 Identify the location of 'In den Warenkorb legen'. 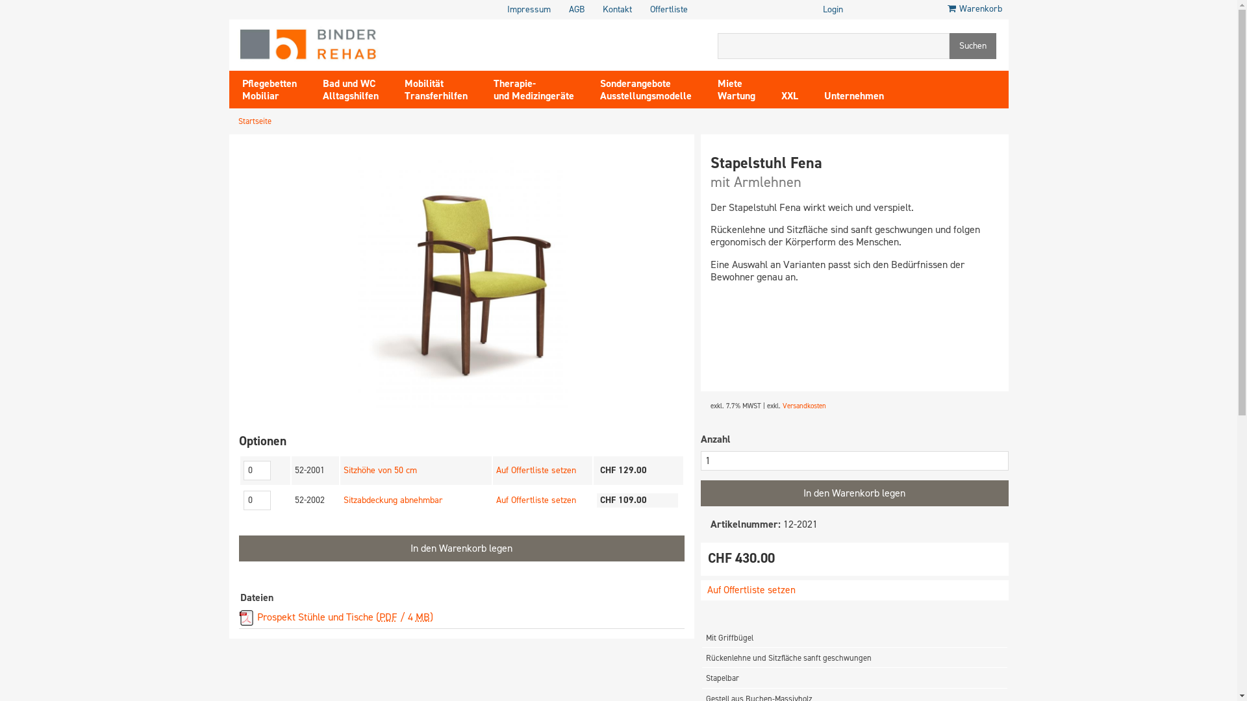
(854, 493).